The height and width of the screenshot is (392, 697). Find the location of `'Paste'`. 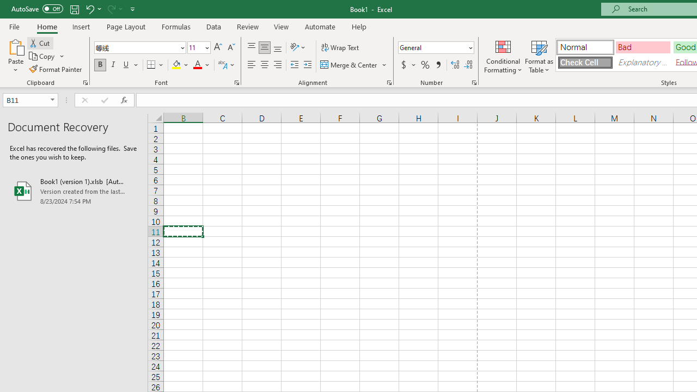

'Paste' is located at coordinates (15, 56).